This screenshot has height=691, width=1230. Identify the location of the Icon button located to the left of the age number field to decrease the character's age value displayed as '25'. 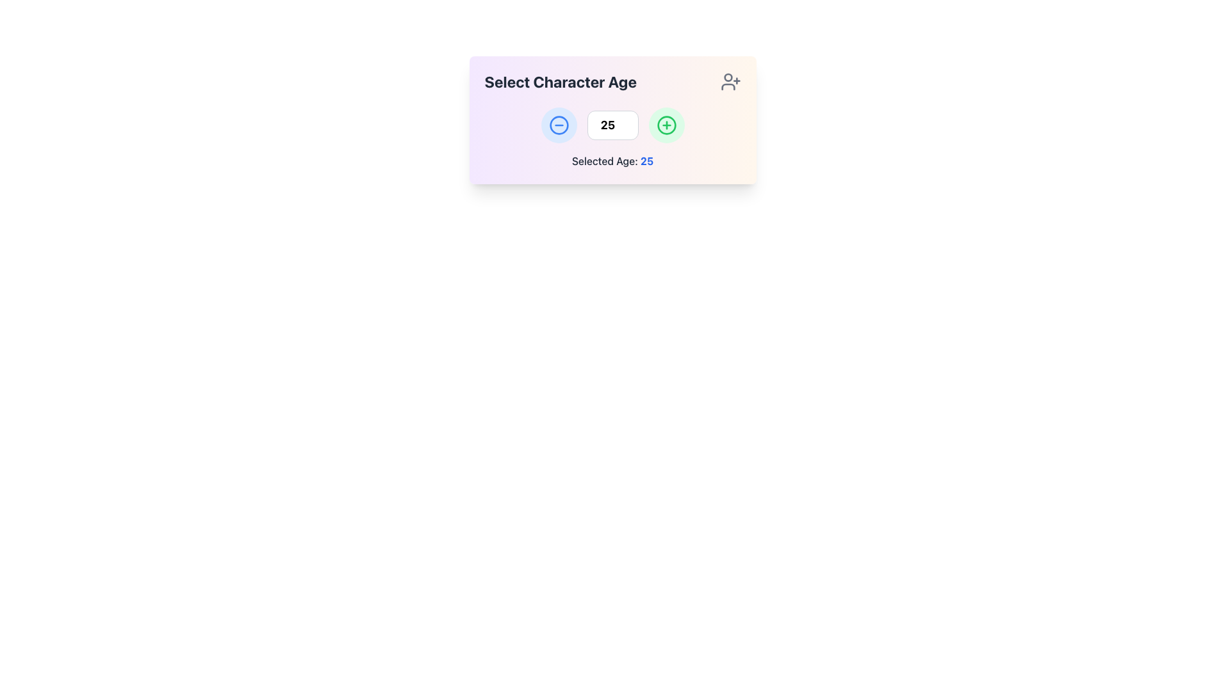
(559, 125).